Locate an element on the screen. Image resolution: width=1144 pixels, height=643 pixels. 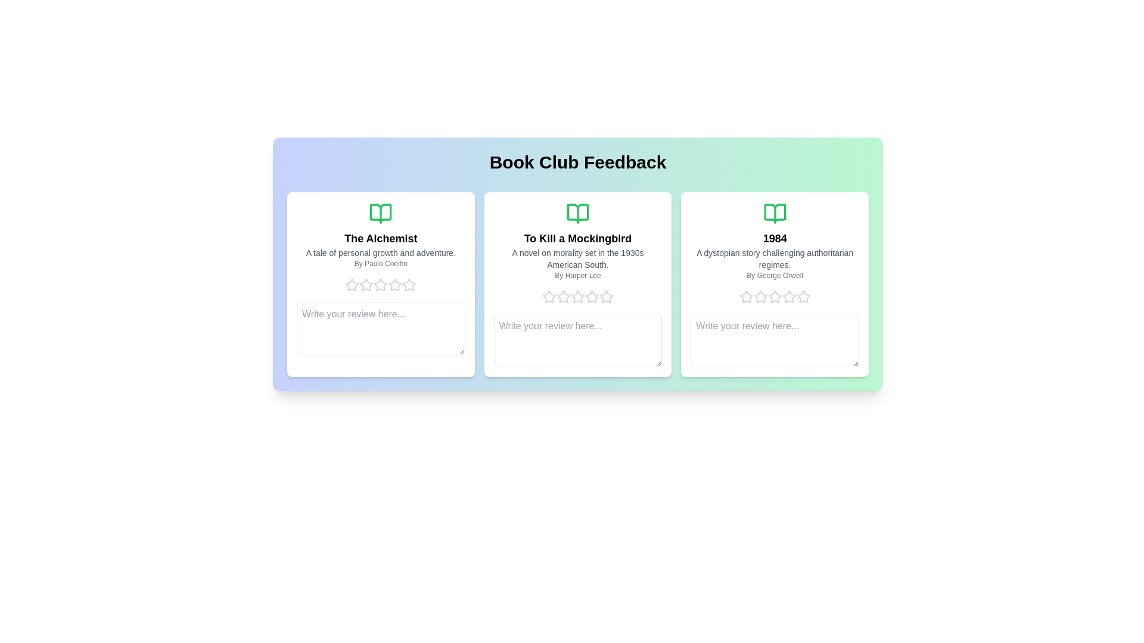
the open book icon styled in green, located at the top center of the 'To Kill a Mockingbird' card is located at coordinates (577, 213).